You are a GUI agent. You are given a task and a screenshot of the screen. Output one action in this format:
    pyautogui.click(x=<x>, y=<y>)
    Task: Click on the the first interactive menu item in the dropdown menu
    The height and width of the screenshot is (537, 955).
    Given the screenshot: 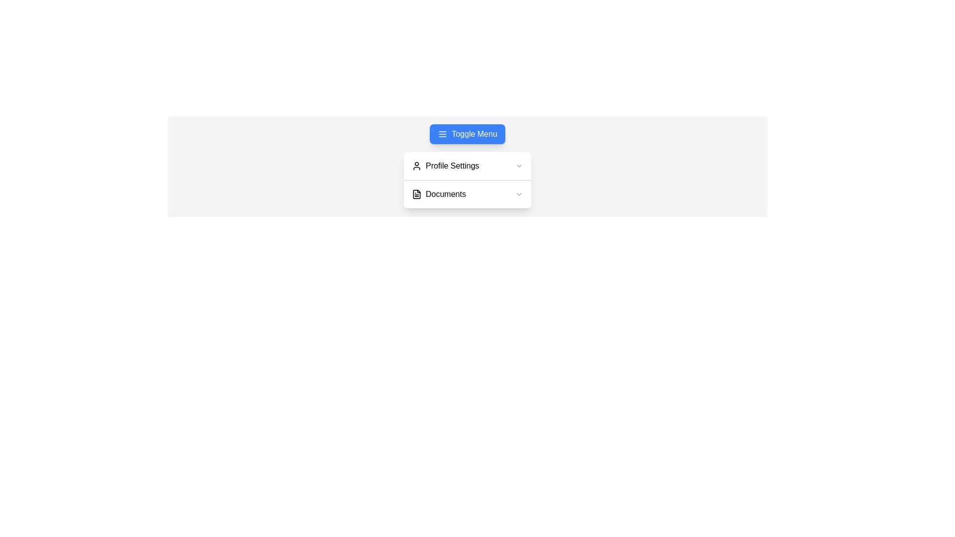 What is the action you would take?
    pyautogui.click(x=467, y=166)
    